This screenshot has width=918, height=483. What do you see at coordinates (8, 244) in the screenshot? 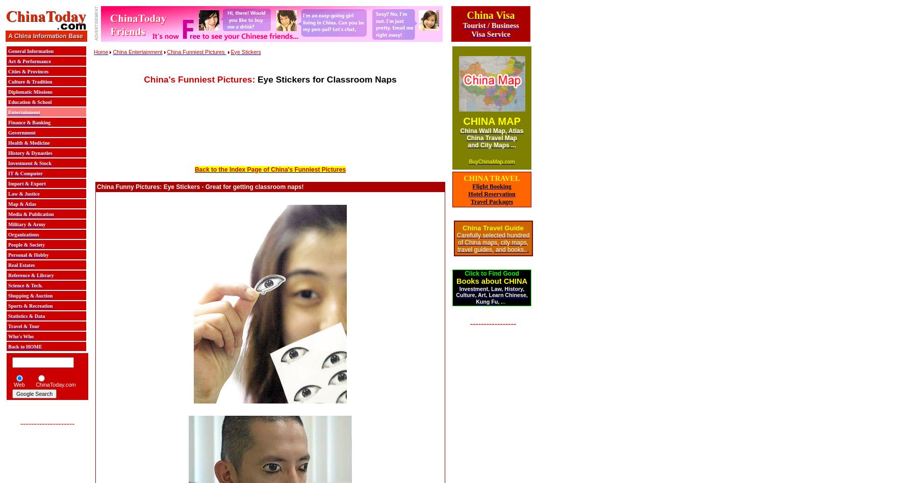
I see `'People & 
          Society'` at bounding box center [8, 244].